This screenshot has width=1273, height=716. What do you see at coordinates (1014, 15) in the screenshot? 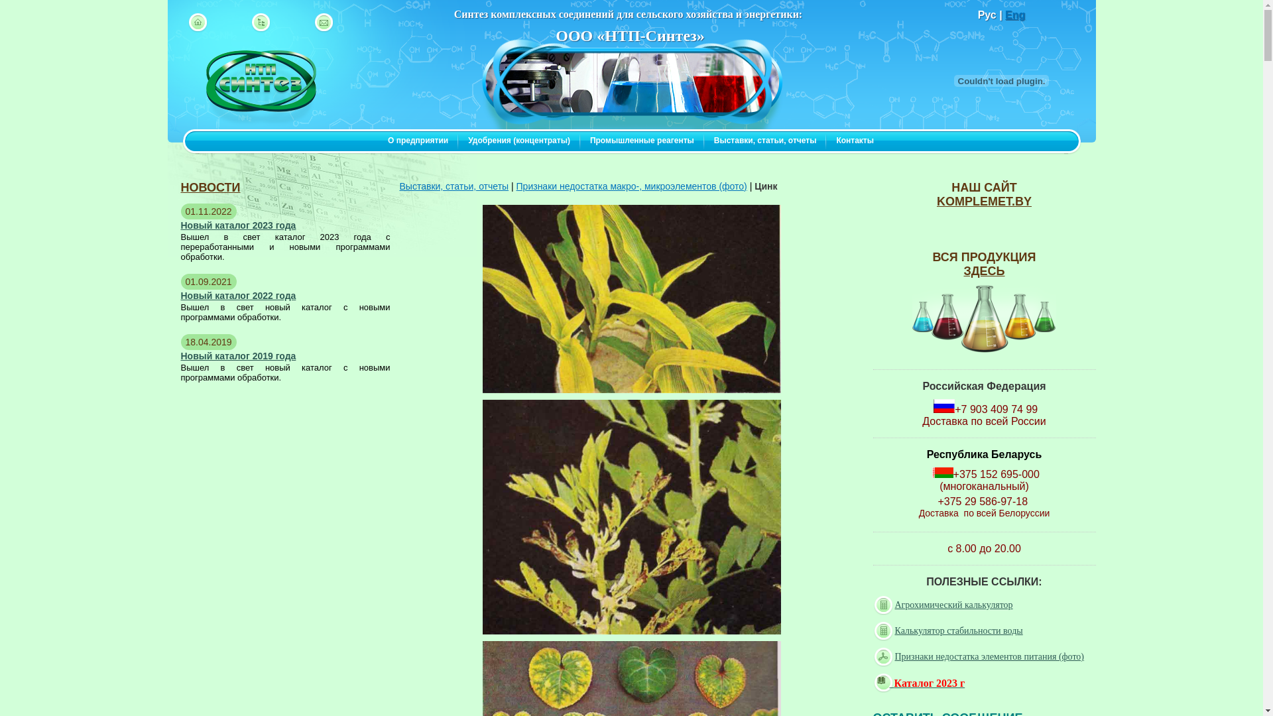
I see `'Eng'` at bounding box center [1014, 15].